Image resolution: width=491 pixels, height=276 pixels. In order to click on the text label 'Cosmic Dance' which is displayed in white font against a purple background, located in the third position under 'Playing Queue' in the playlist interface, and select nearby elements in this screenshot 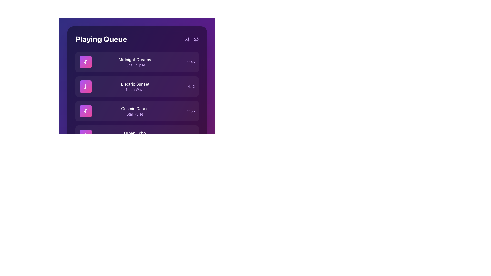, I will do `click(135, 108)`.